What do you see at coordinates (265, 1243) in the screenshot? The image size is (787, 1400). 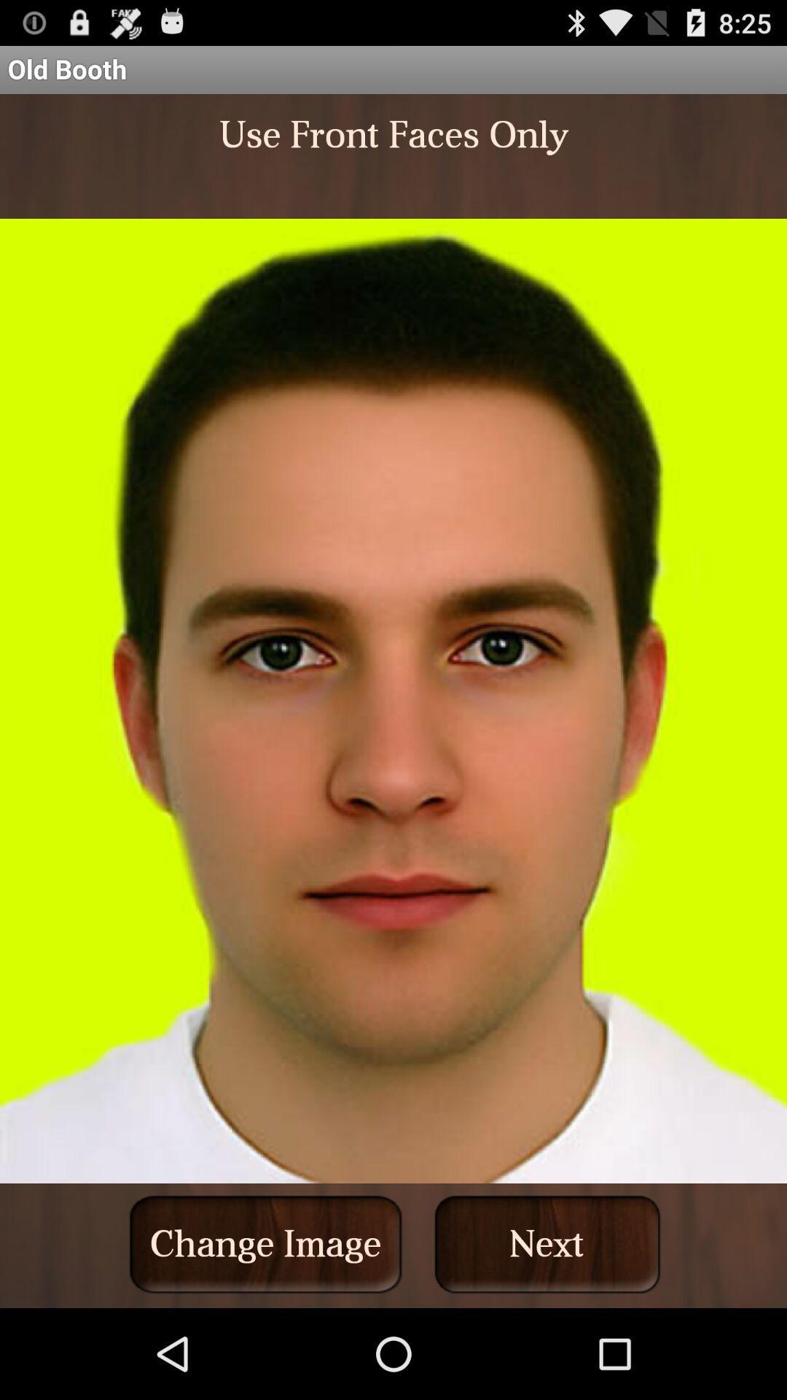 I see `the icon at the bottom` at bounding box center [265, 1243].